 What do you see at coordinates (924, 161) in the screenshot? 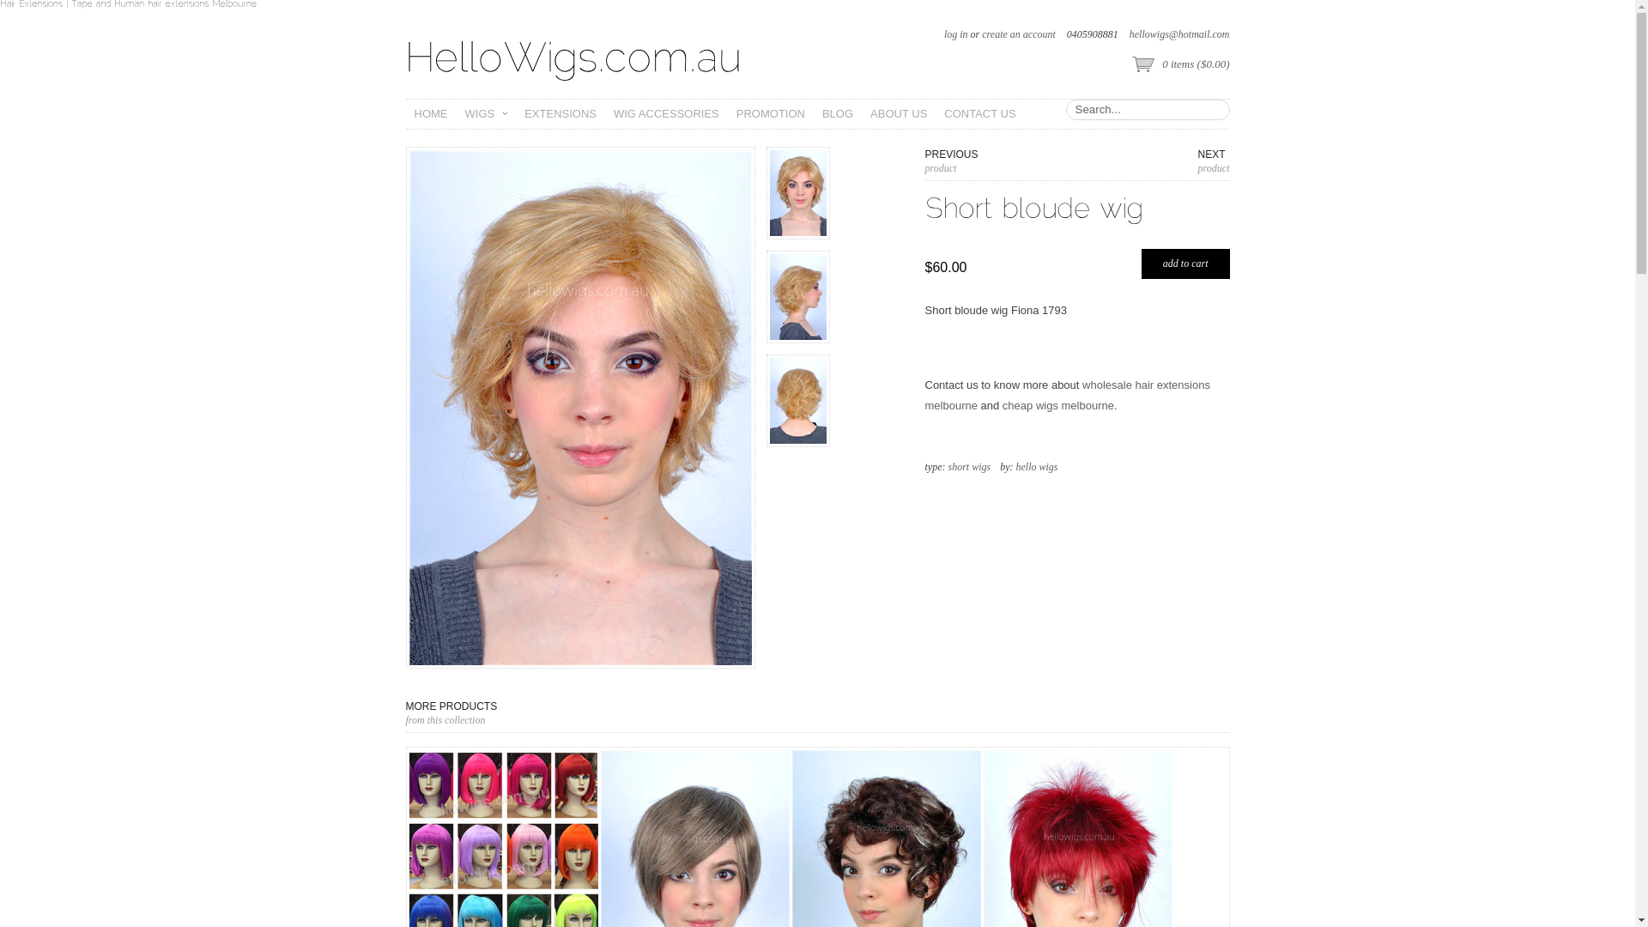
I see `'PREVIOUS` at bounding box center [924, 161].